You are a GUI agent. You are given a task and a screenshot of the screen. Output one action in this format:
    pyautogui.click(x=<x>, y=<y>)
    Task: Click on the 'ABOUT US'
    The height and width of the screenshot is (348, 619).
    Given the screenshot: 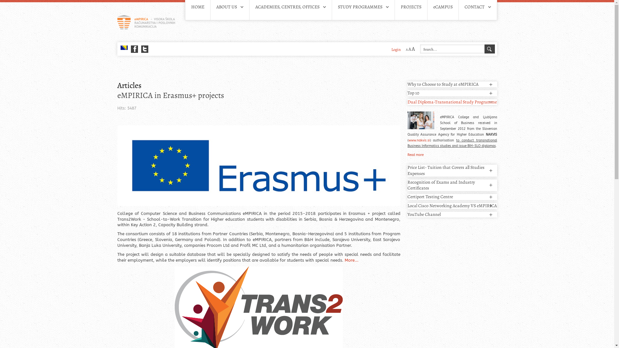 What is the action you would take?
    pyautogui.click(x=229, y=7)
    